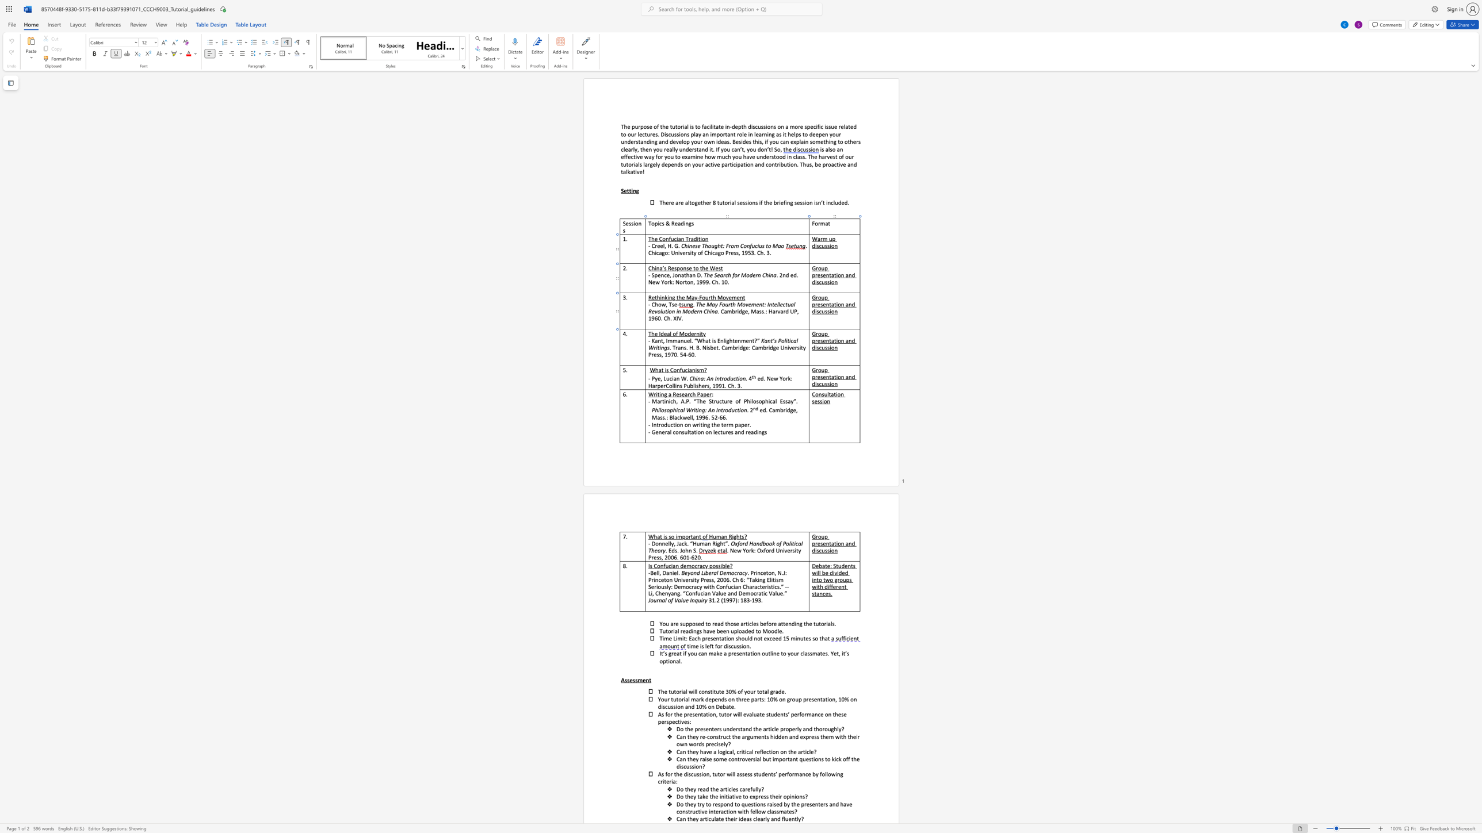  Describe the element at coordinates (661, 340) in the screenshot. I see `the 1th character "t" in the text` at that location.